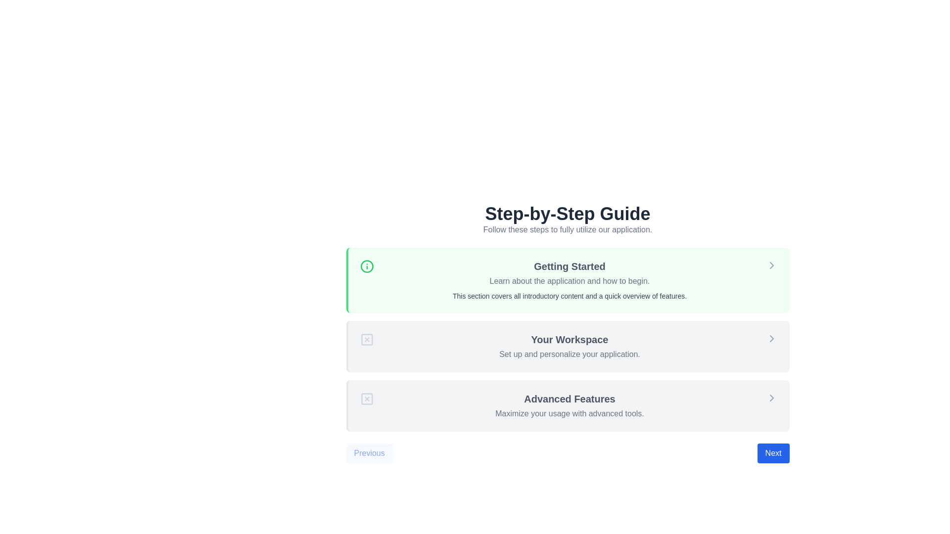  Describe the element at coordinates (771, 398) in the screenshot. I see `the right-facing chevron icon in the 'Advanced Features' module` at that location.